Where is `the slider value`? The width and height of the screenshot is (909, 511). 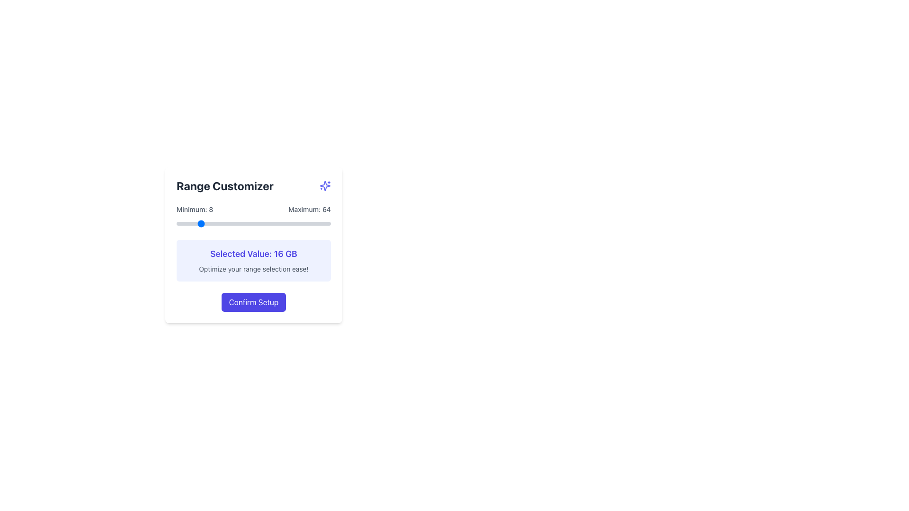
the slider value is located at coordinates (272, 224).